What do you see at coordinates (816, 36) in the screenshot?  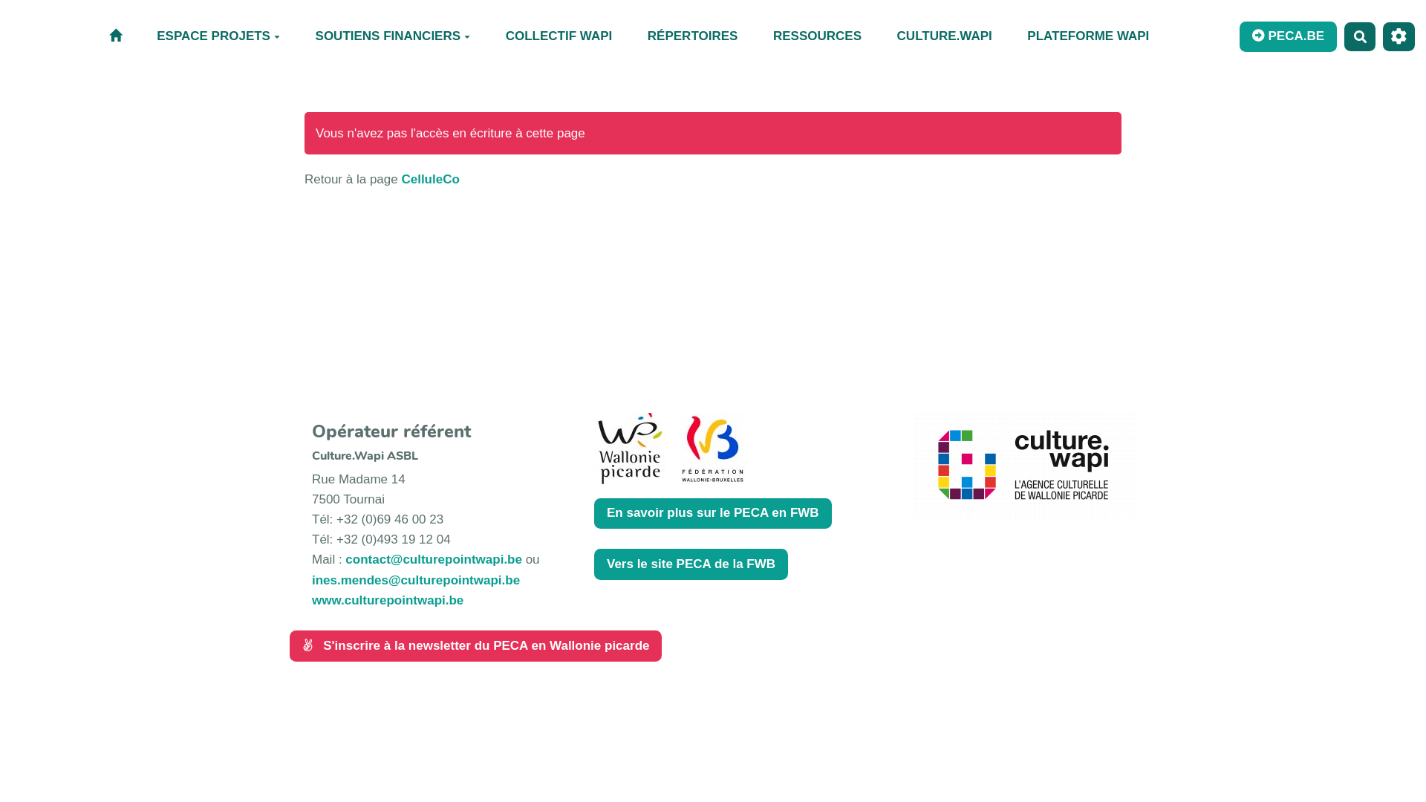 I see `'RESSOURCES'` at bounding box center [816, 36].